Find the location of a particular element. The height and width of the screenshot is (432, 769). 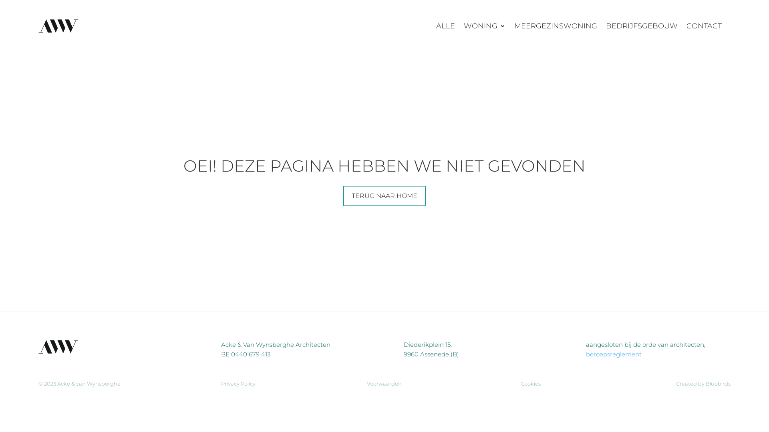

'WONING' is located at coordinates (484, 26).